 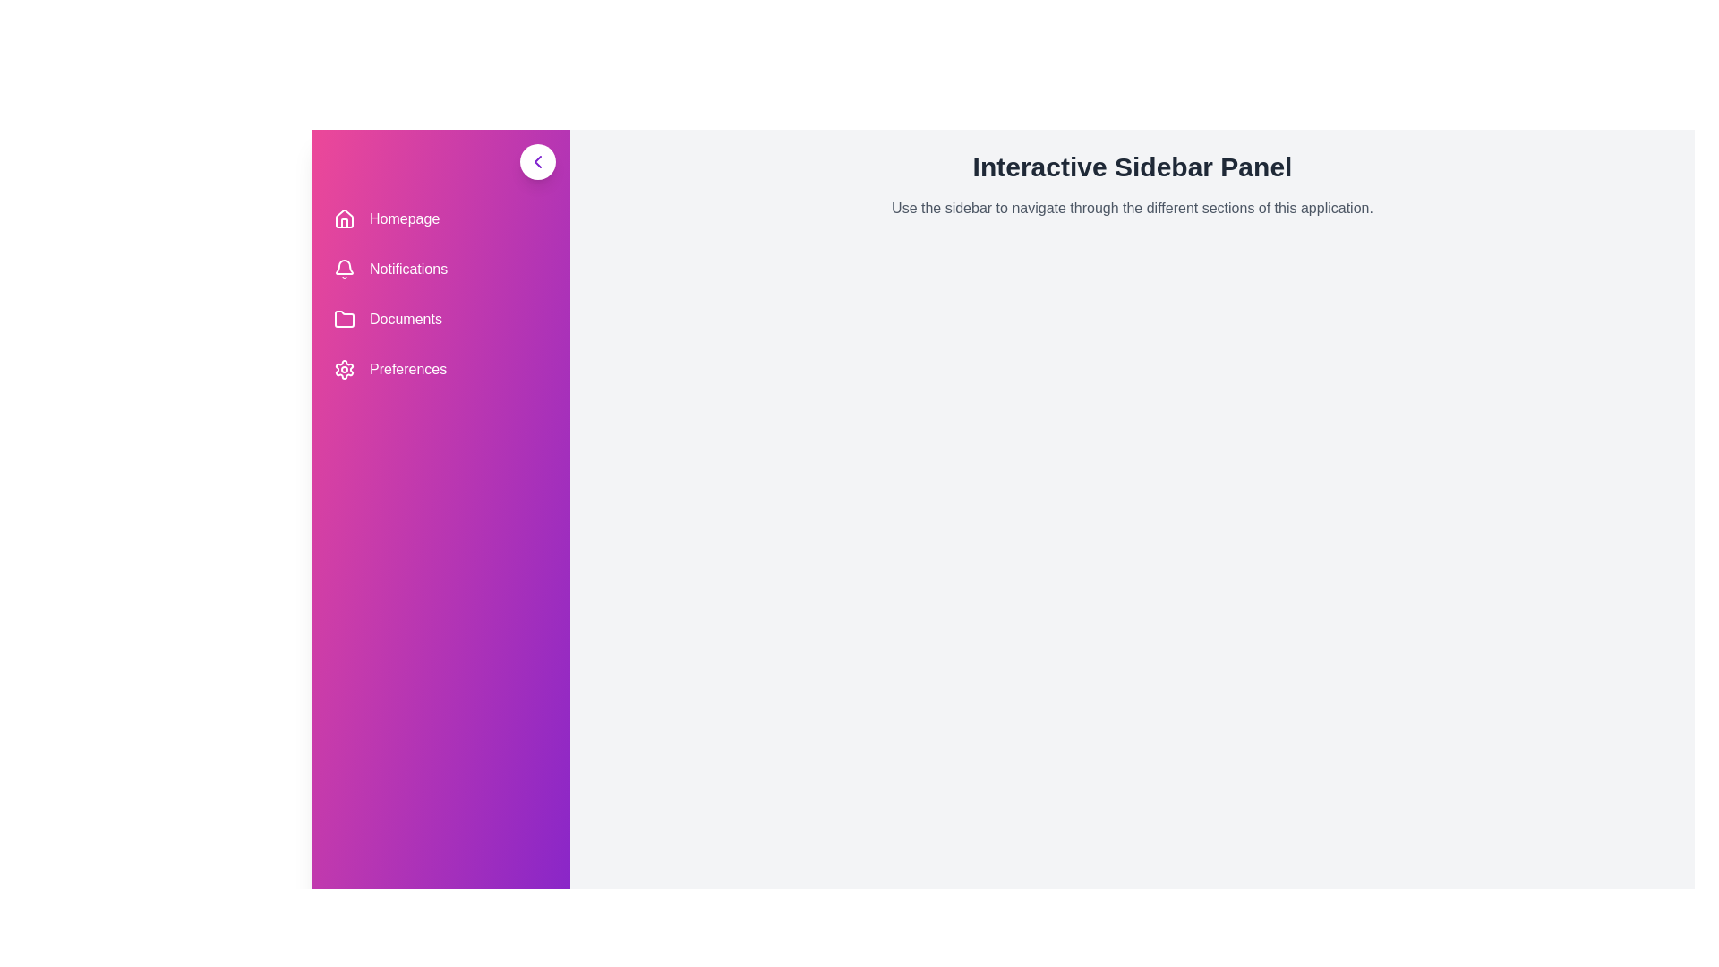 What do you see at coordinates (592, 197) in the screenshot?
I see `the text in the main content area` at bounding box center [592, 197].